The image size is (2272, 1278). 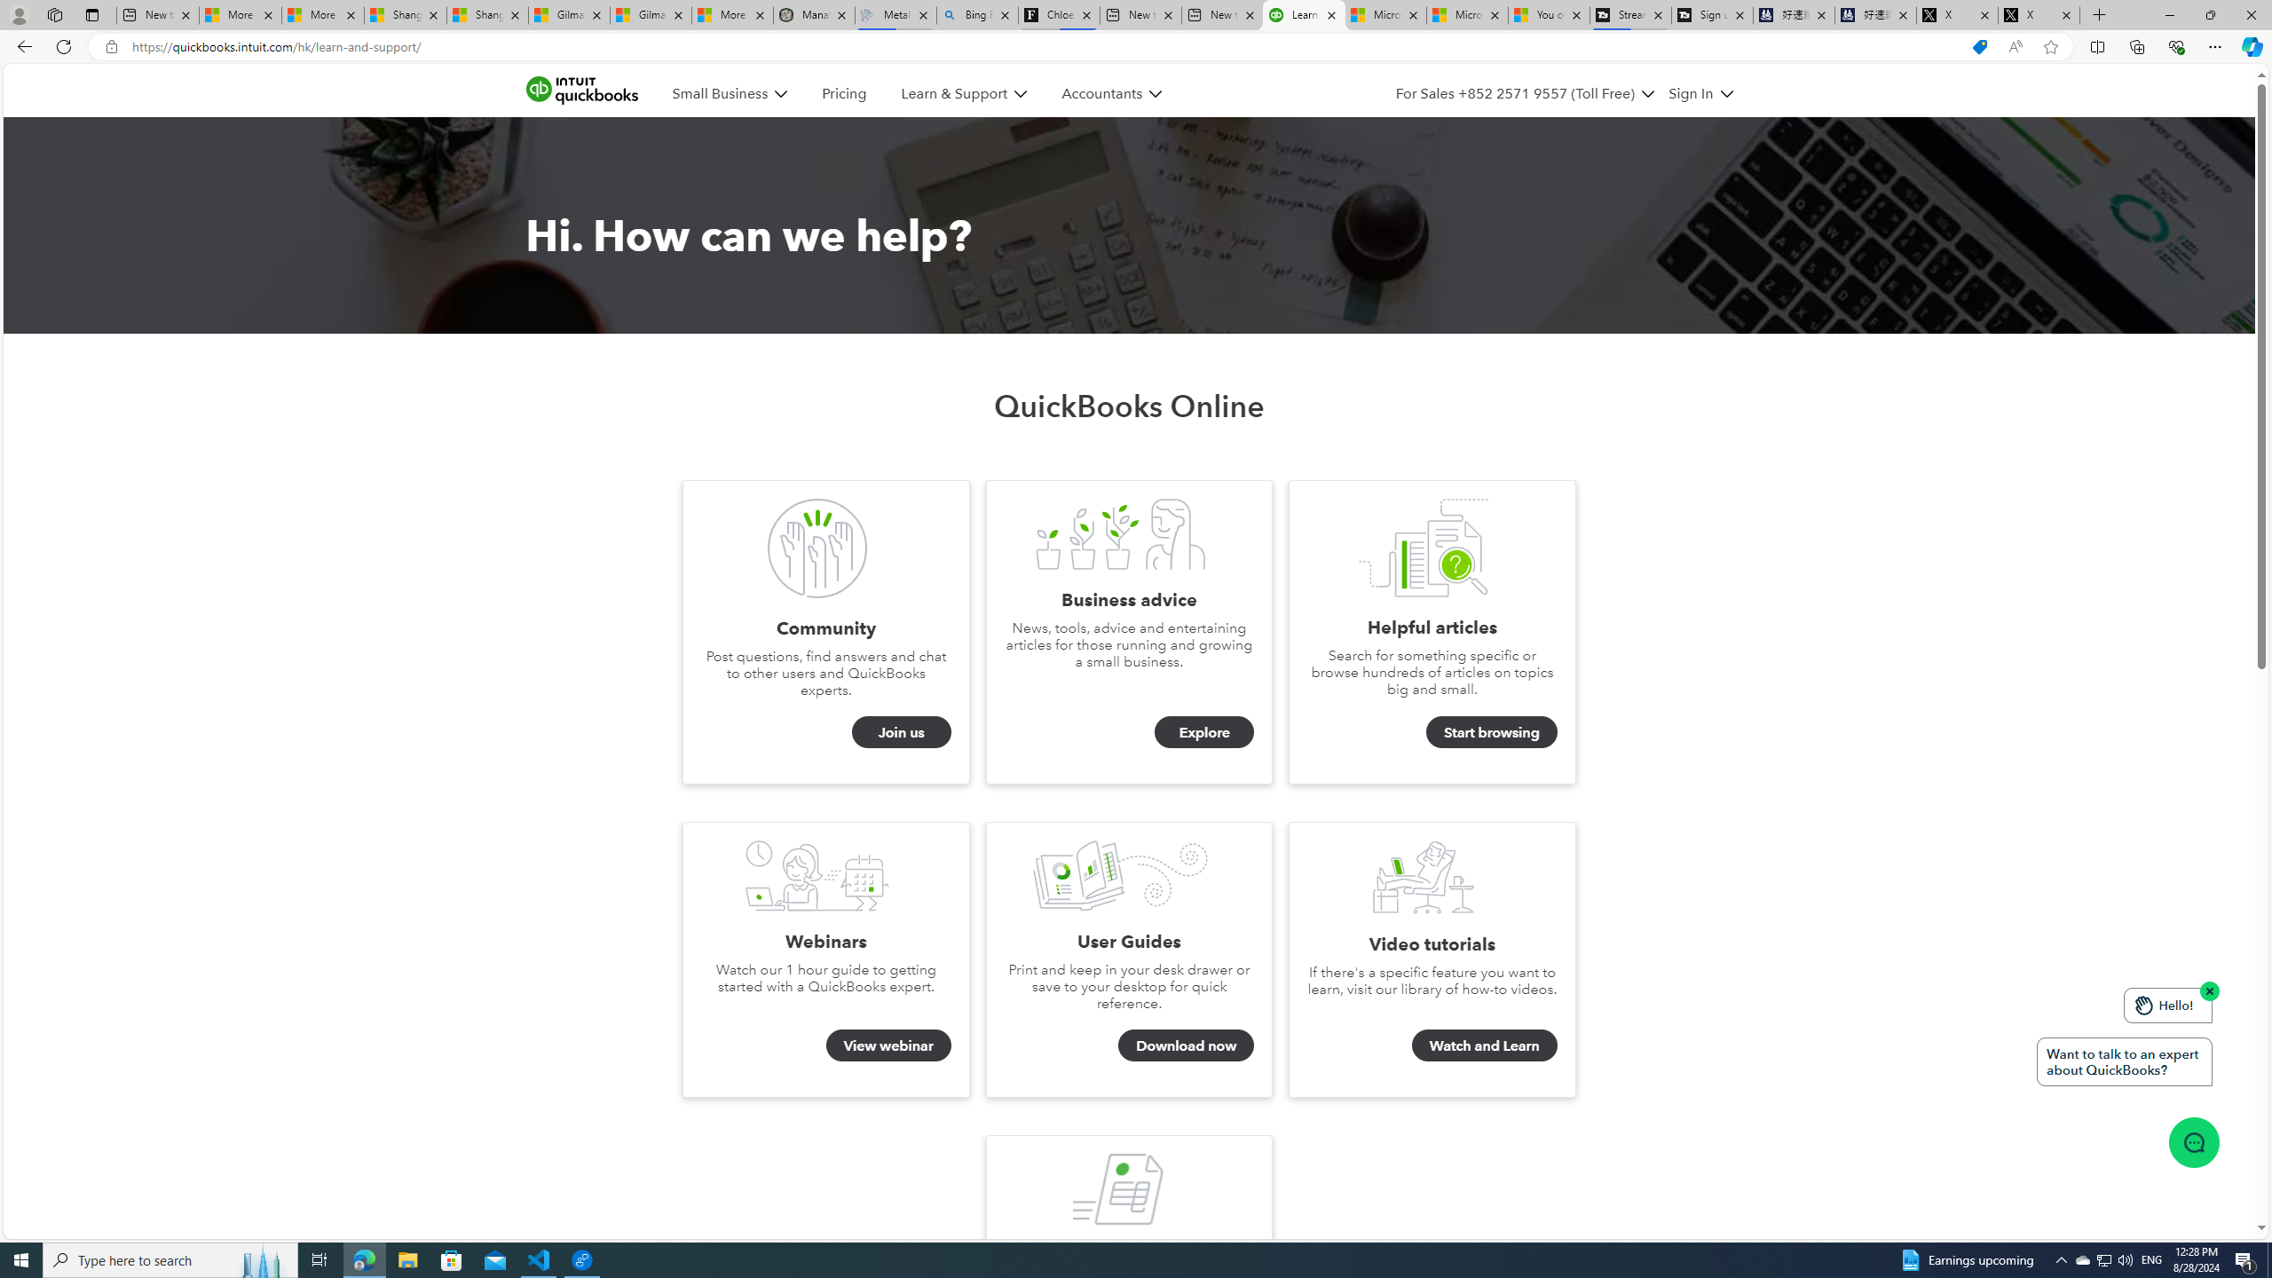 I want to click on 'Chloe Sorvino', so click(x=1060, y=14).